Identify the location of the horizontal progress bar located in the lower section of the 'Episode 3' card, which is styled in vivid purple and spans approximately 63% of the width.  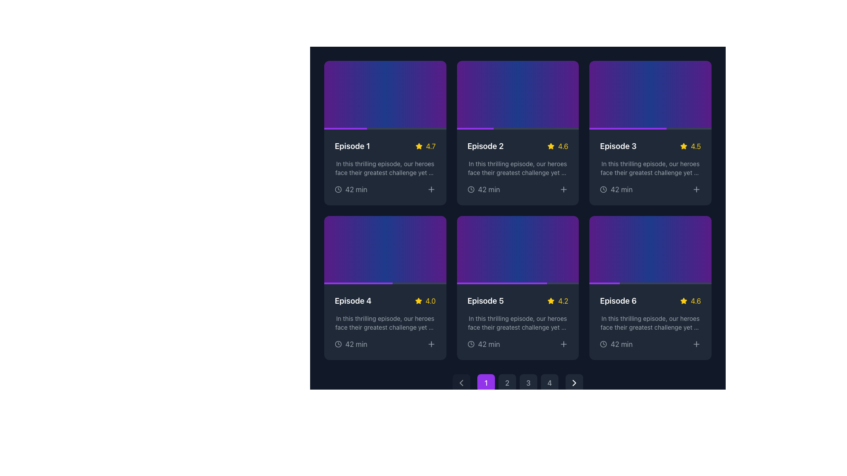
(627, 128).